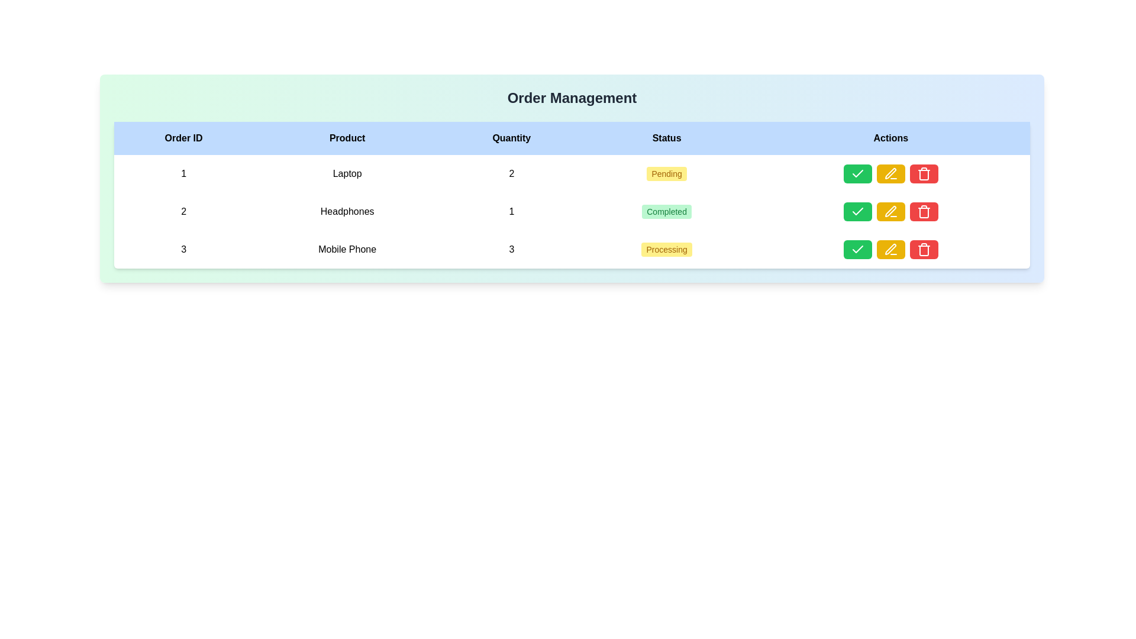 Image resolution: width=1136 pixels, height=639 pixels. I want to click on the red delete button with a trash can icon located in the third column of the 'Actions' section in the third row of the table, so click(923, 248).